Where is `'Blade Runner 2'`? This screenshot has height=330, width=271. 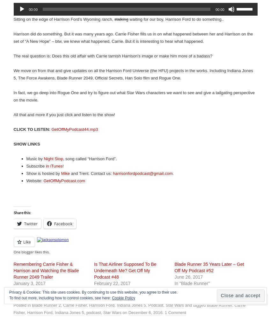 'Blade Runner 2' is located at coordinates (46, 304).